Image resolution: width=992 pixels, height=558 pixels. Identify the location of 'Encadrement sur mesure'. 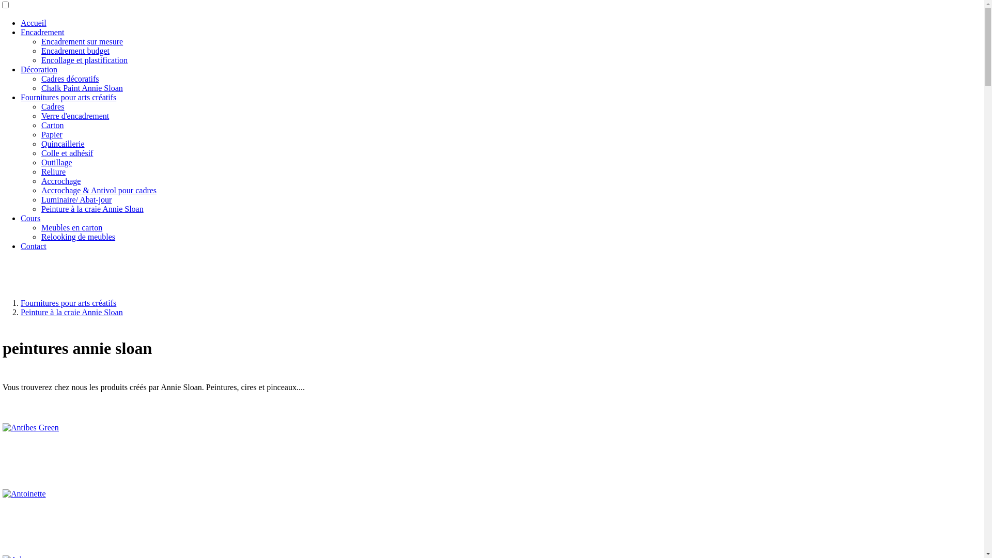
(81, 41).